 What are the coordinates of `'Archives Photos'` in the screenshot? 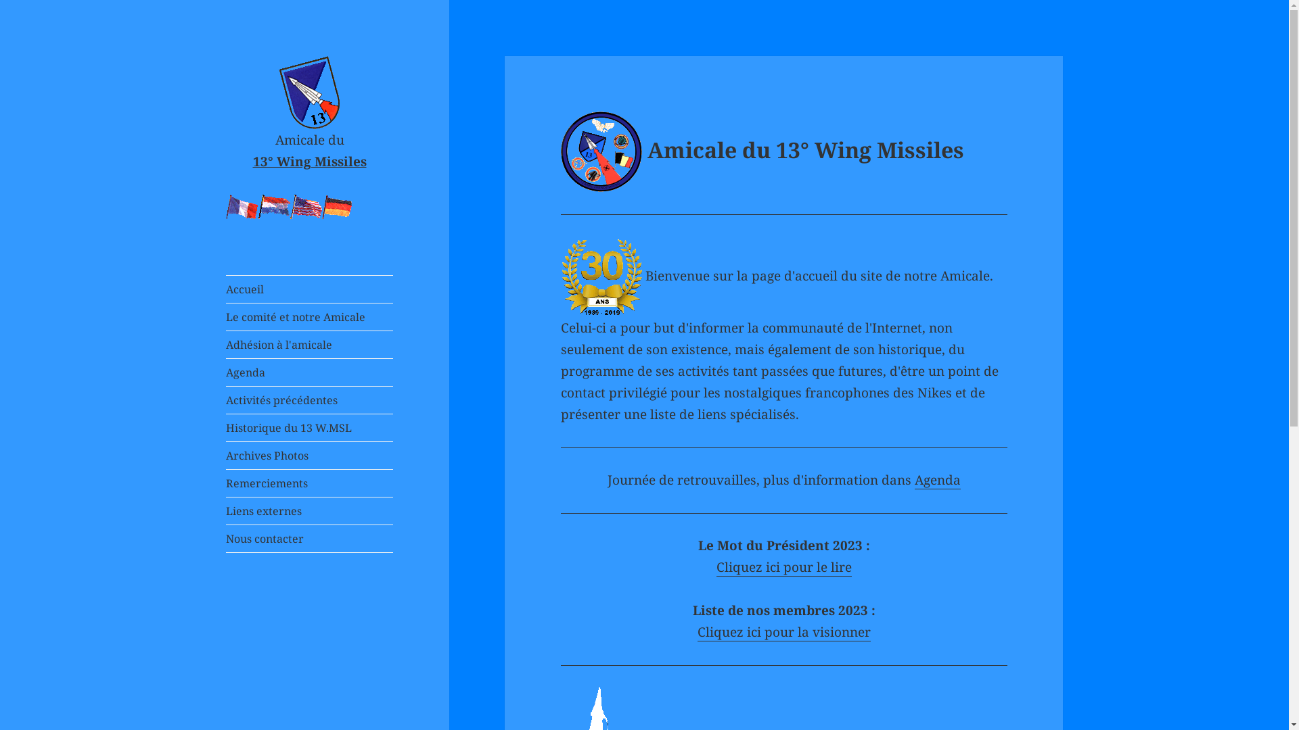 It's located at (309, 456).